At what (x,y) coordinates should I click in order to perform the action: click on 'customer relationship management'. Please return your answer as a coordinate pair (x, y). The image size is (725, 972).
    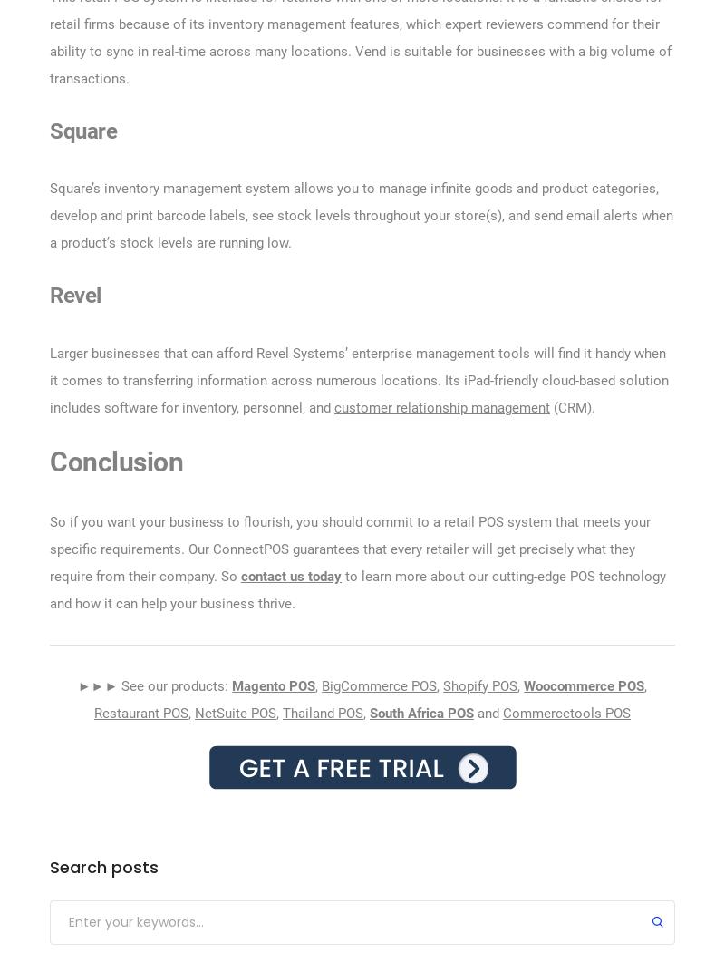
    Looking at the image, I should click on (442, 407).